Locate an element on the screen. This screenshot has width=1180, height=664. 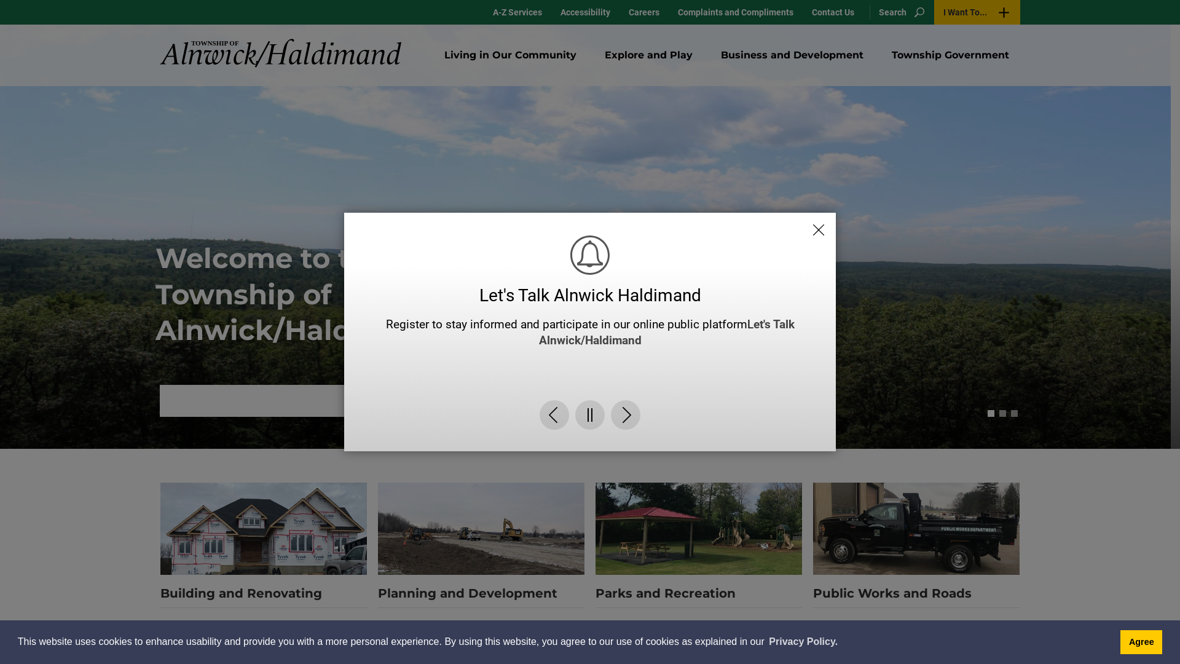
'Privacy Policy.' is located at coordinates (803, 641).